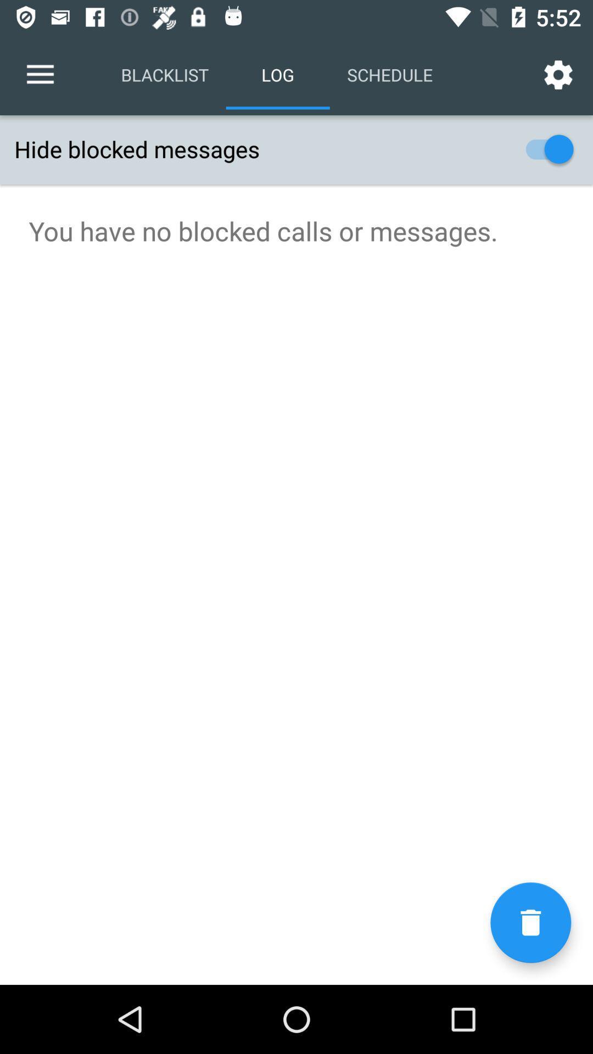 The width and height of the screenshot is (593, 1054). Describe the element at coordinates (558, 74) in the screenshot. I see `item at the top right corner` at that location.